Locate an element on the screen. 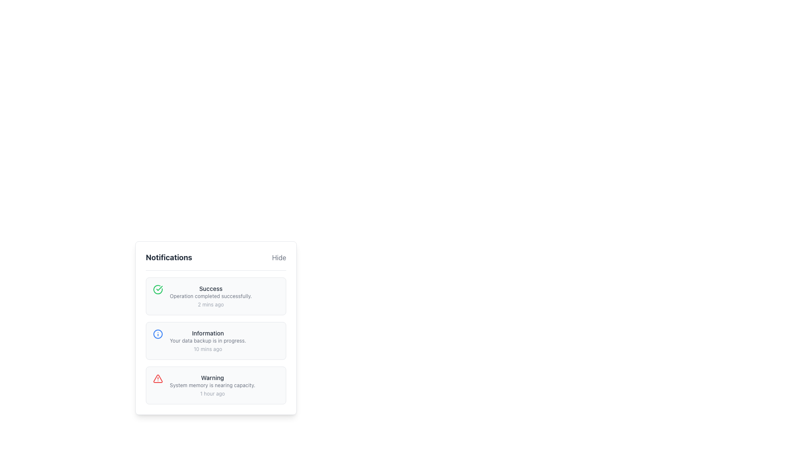  notifications displayed in the notification panel that features a bold heading 'Notifications' and a 'Hide' button is located at coordinates (216, 327).